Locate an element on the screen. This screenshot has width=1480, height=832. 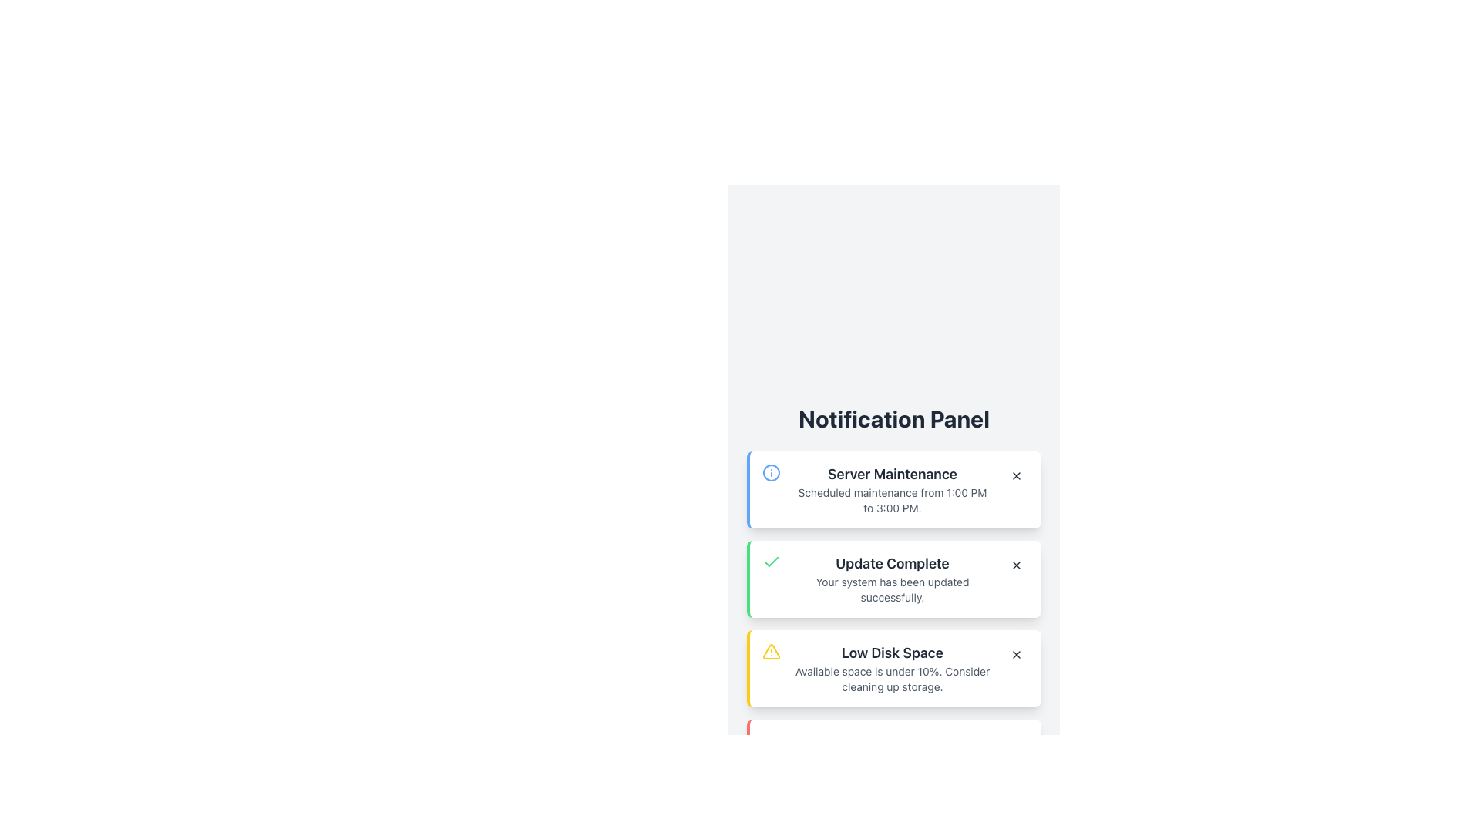
the 'Low Disk Space' text label, which is prominently displayed in bold and dark gray is located at coordinates (892, 653).